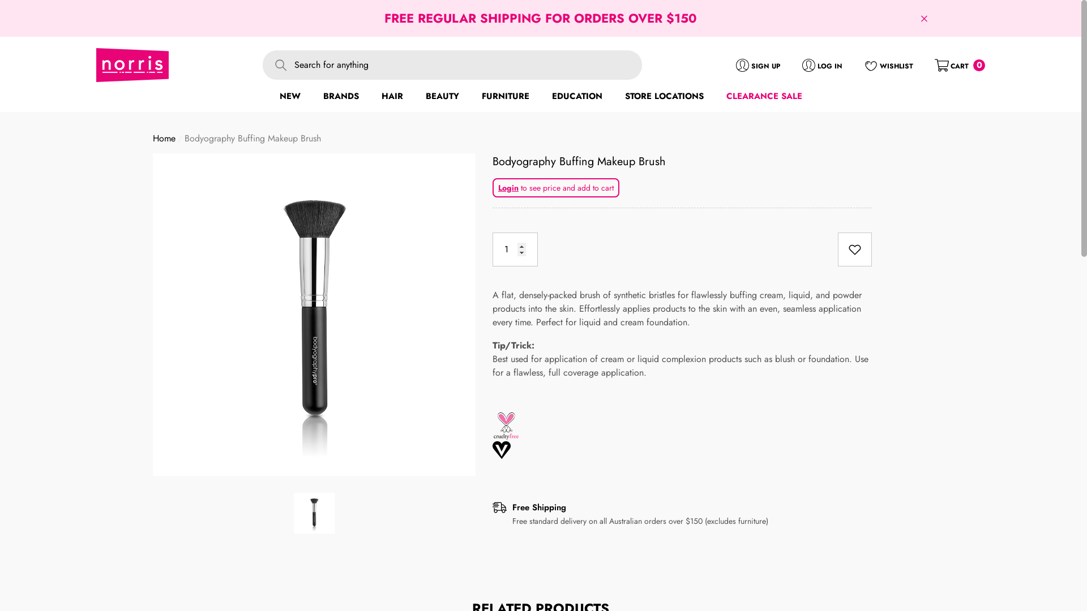  I want to click on 'HAIR', so click(381, 95).